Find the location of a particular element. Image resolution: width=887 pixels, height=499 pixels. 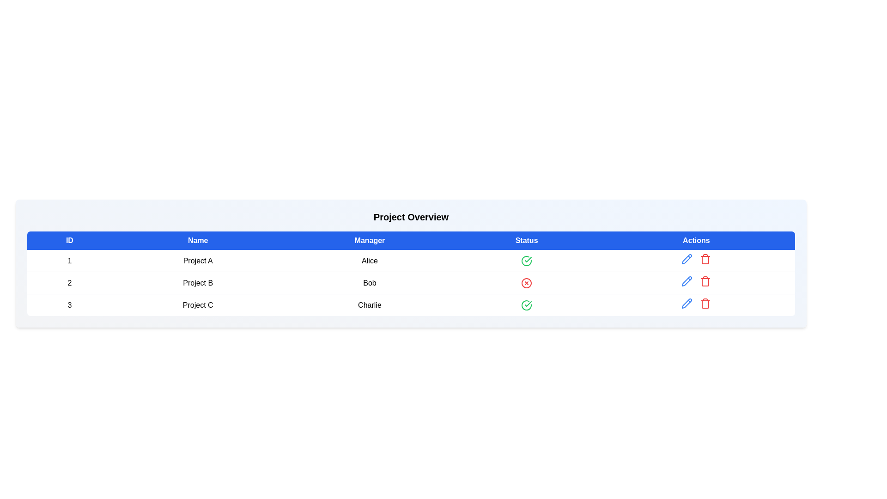

the green circular icon with a check mark in the 'Status' column of the third row for the project managed by Charlie is located at coordinates (527, 261).